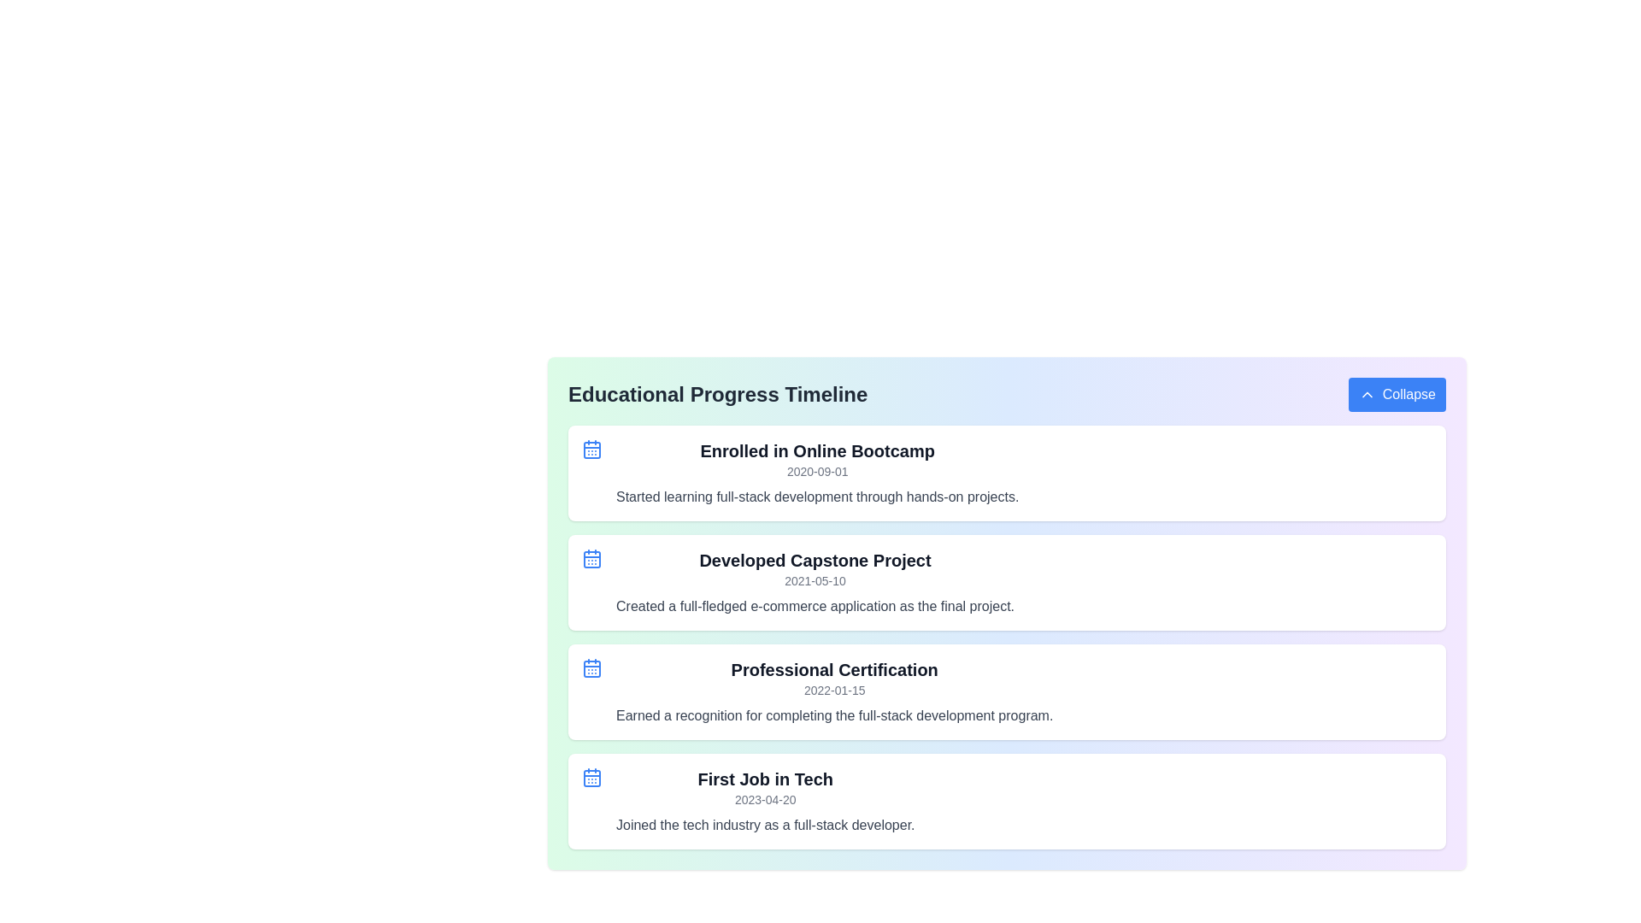  Describe the element at coordinates (1007, 692) in the screenshot. I see `the third timeline item displaying the milestone information for 'Professional Certification' using keyboard navigation` at that location.